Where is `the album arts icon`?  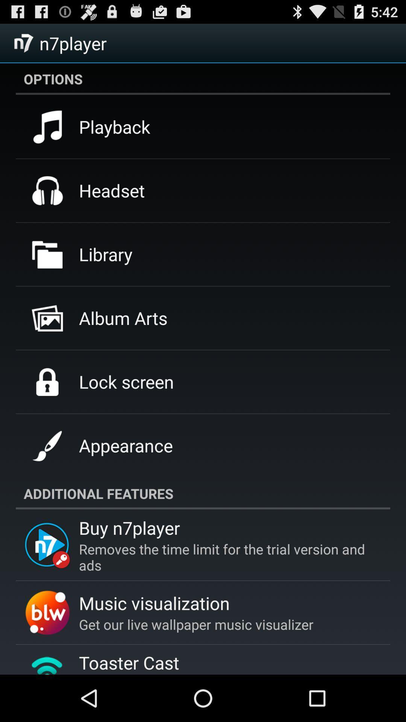
the album arts icon is located at coordinates (123, 318).